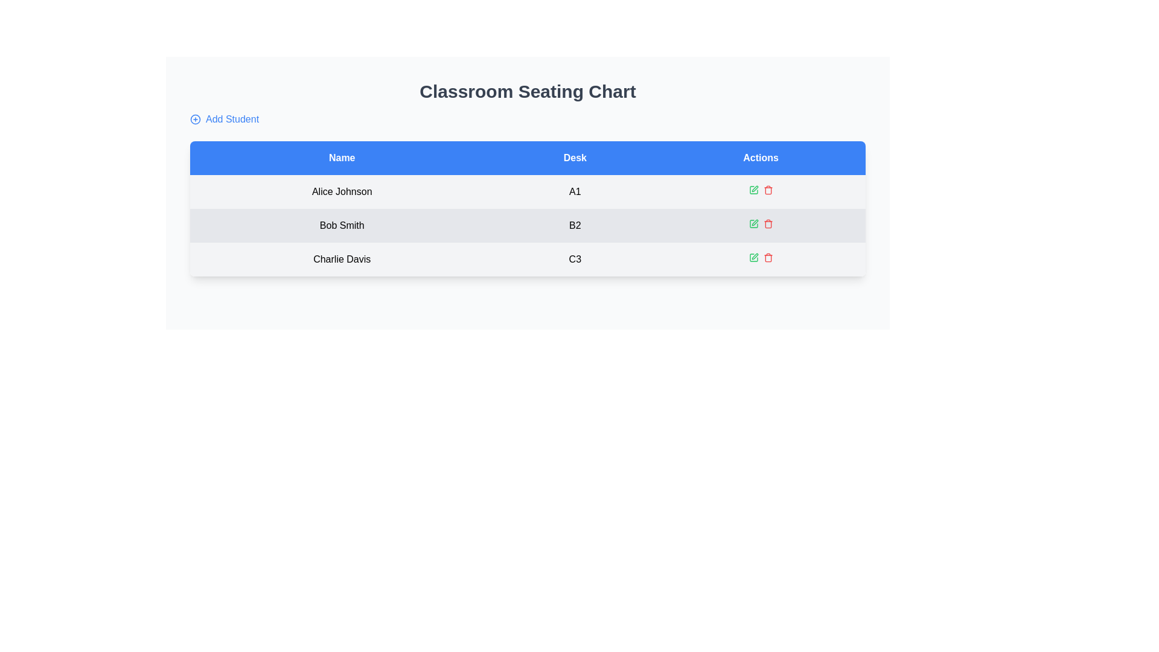  What do you see at coordinates (767, 190) in the screenshot?
I see `the delete button located in the first row of the 'Actions' column in the table` at bounding box center [767, 190].